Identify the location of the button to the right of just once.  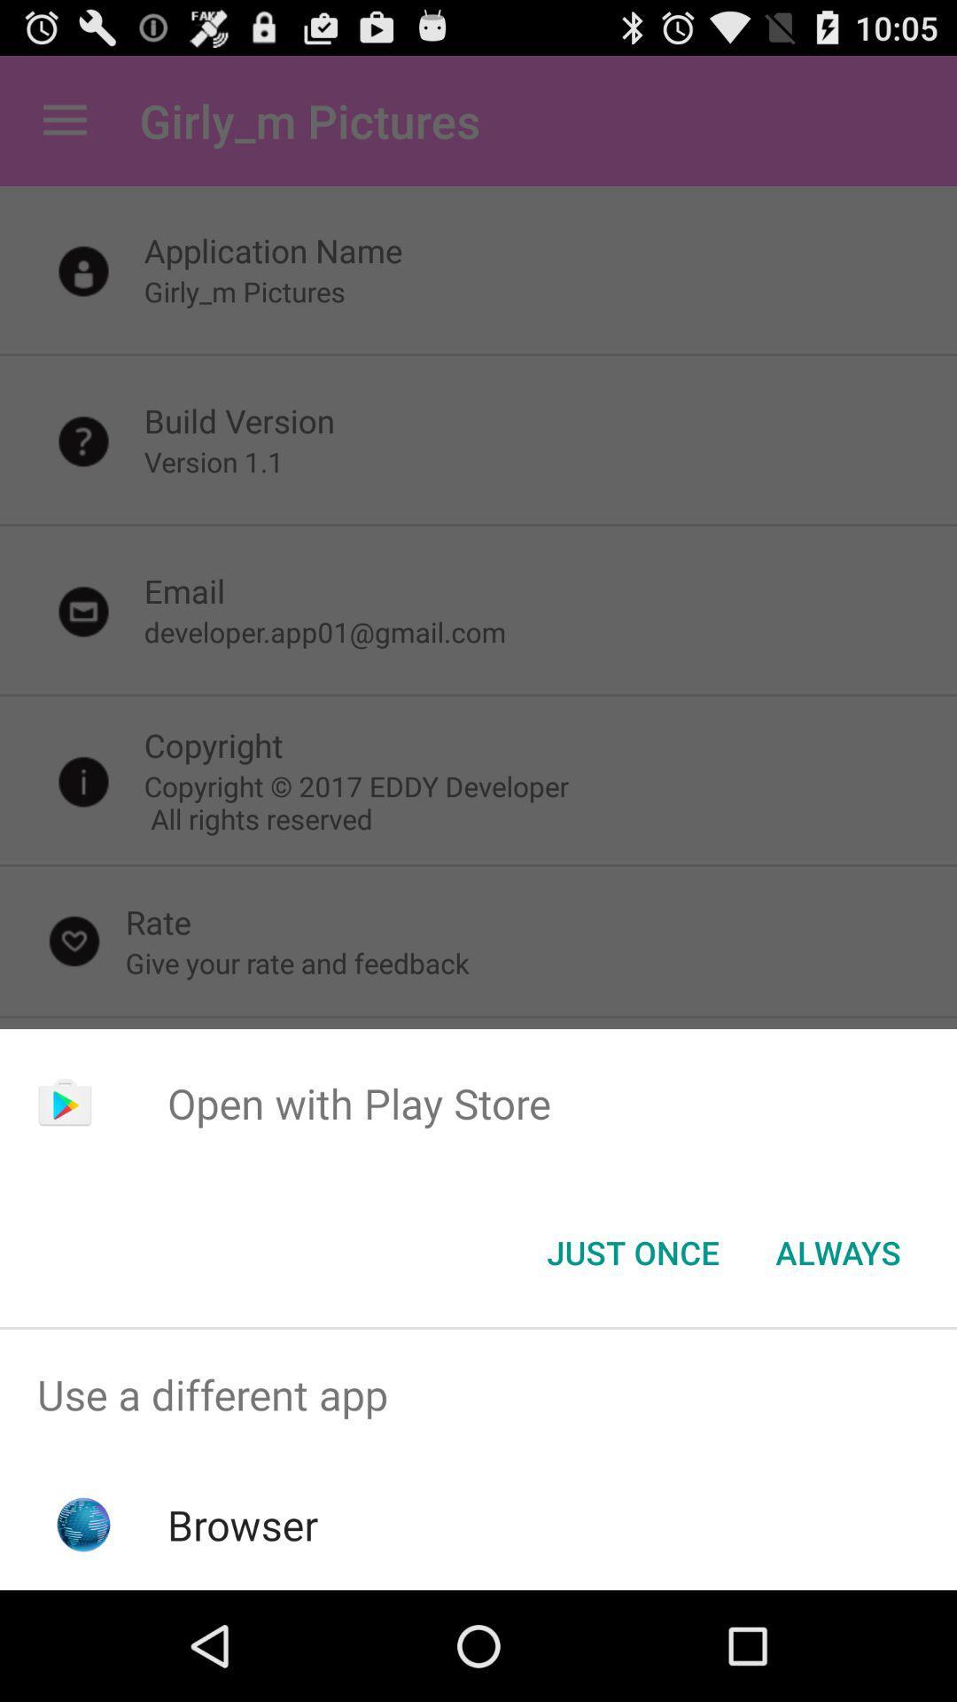
(837, 1251).